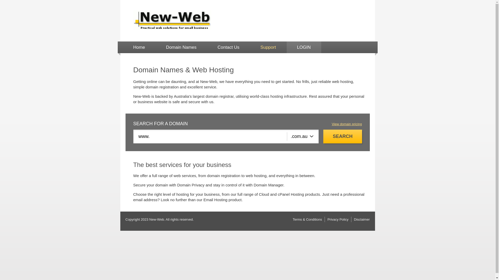  I want to click on 'Terms & Conditions', so click(293, 219).